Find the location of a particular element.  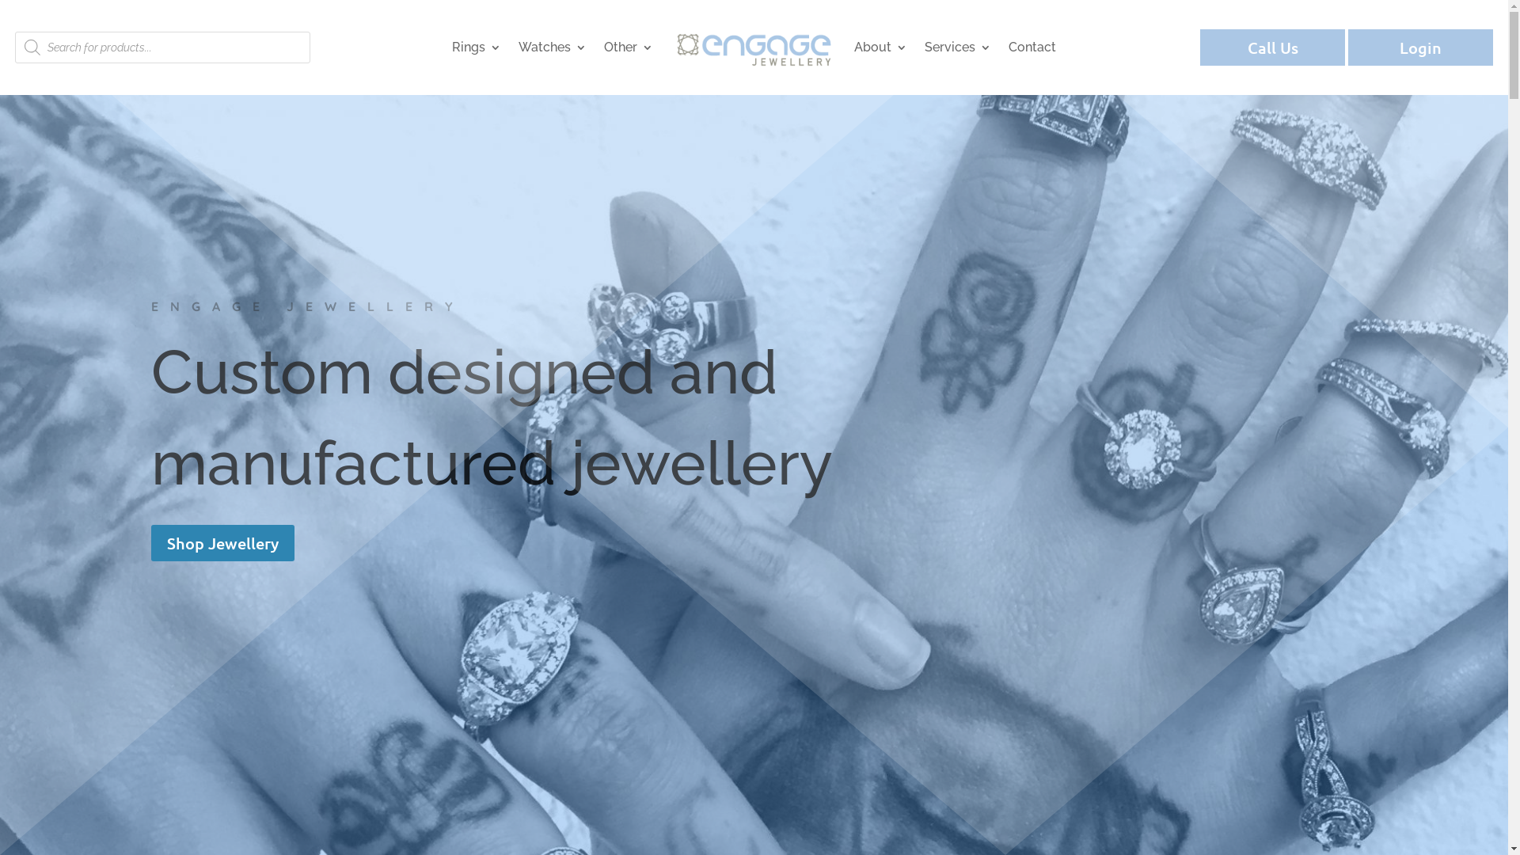

'Watches' is located at coordinates (552, 47).